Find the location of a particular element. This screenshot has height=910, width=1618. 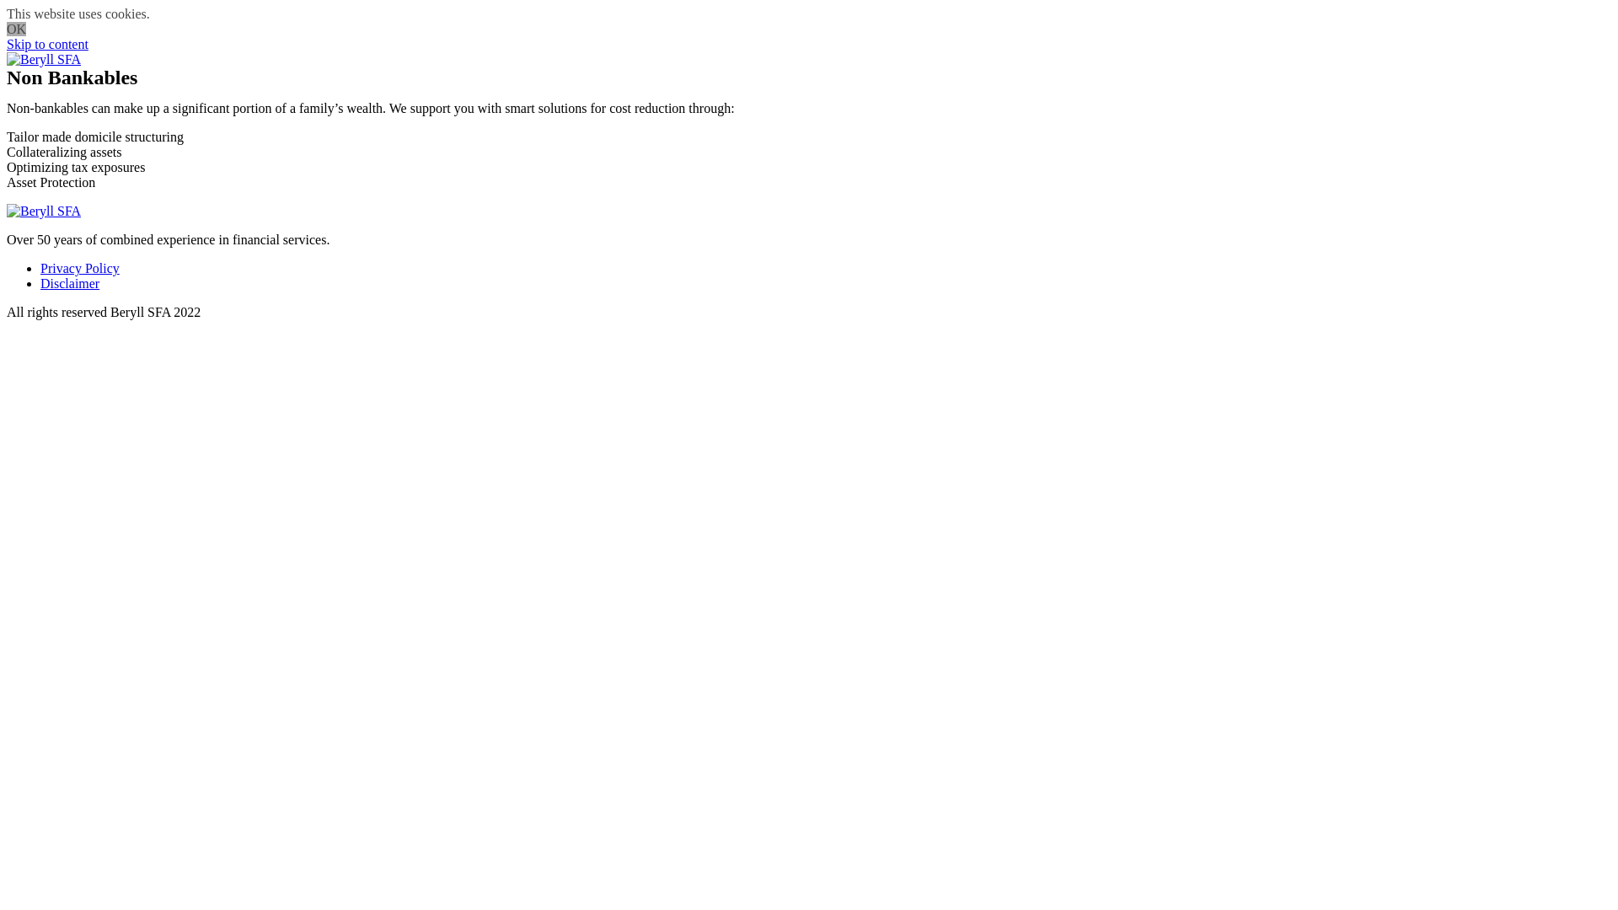

'Privacy Policy' is located at coordinates (79, 267).